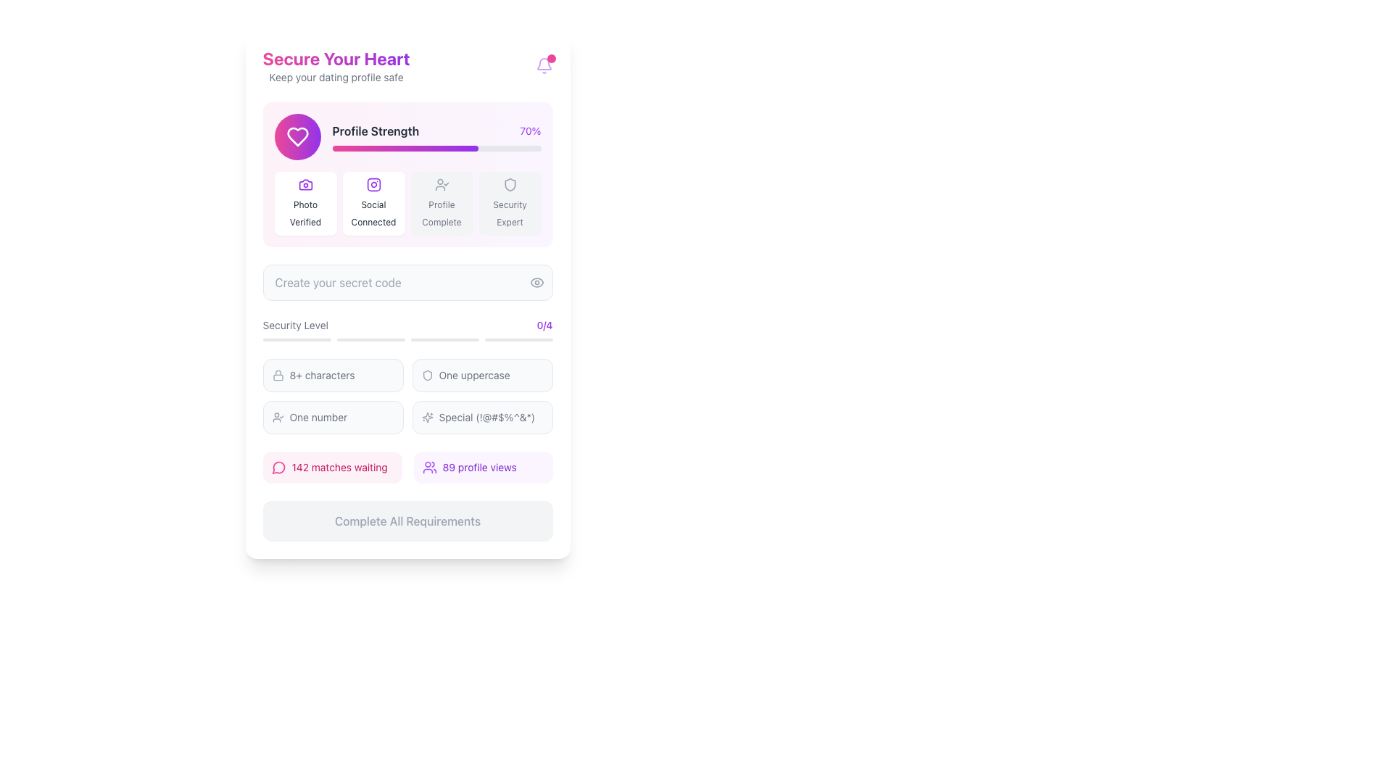 This screenshot has width=1392, height=783. Describe the element at coordinates (482, 417) in the screenshot. I see `the label 'Special (!@#$%^&*)' with an adjacent sparkles icon, which is the fourth item in the security level indicators list` at that location.